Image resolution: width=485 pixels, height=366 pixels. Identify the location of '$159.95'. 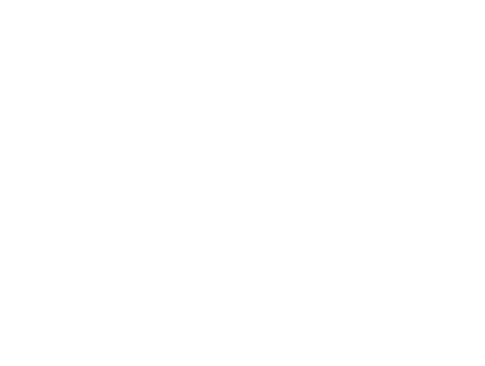
(37, 60).